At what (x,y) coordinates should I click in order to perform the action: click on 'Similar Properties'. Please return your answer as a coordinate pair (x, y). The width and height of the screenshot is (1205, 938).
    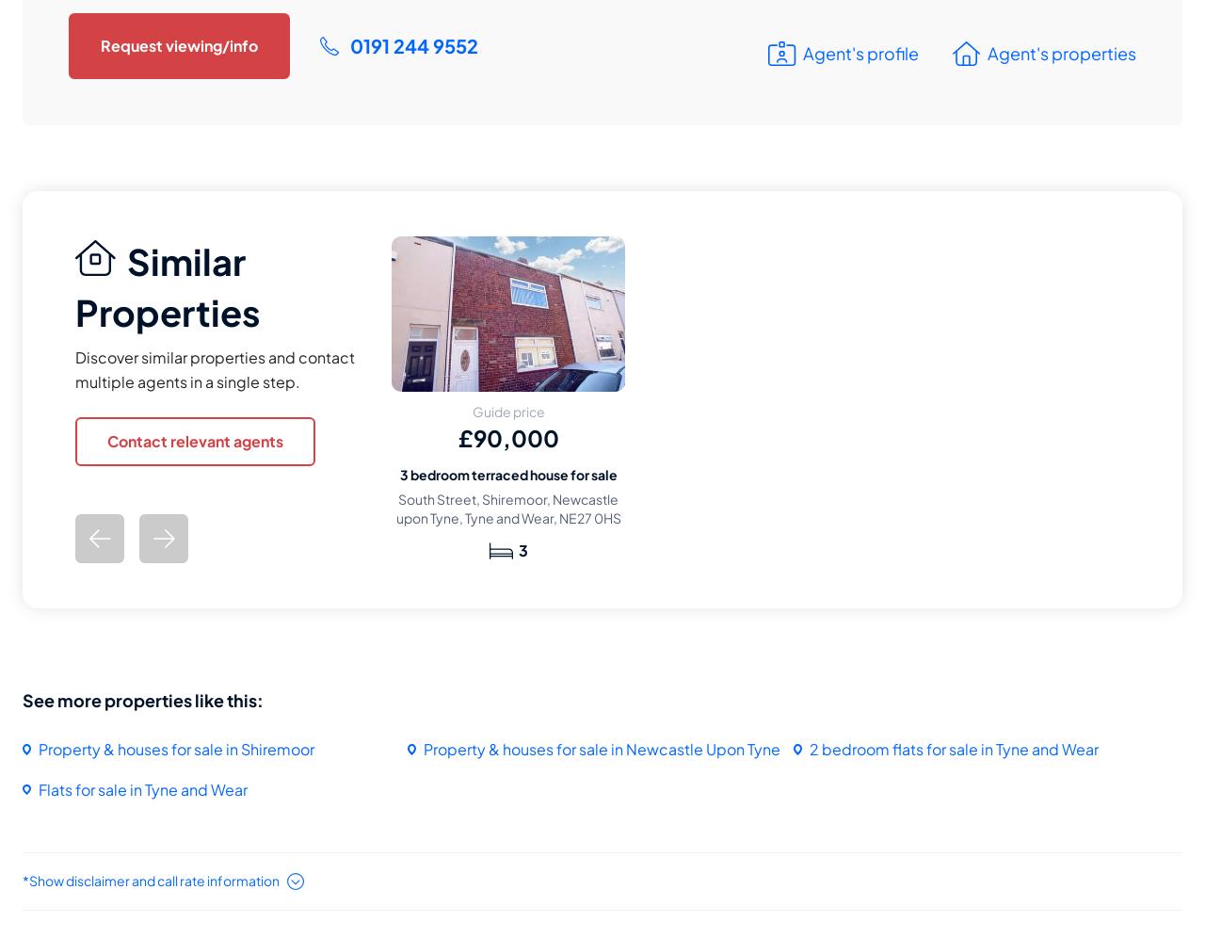
    Looking at the image, I should click on (75, 284).